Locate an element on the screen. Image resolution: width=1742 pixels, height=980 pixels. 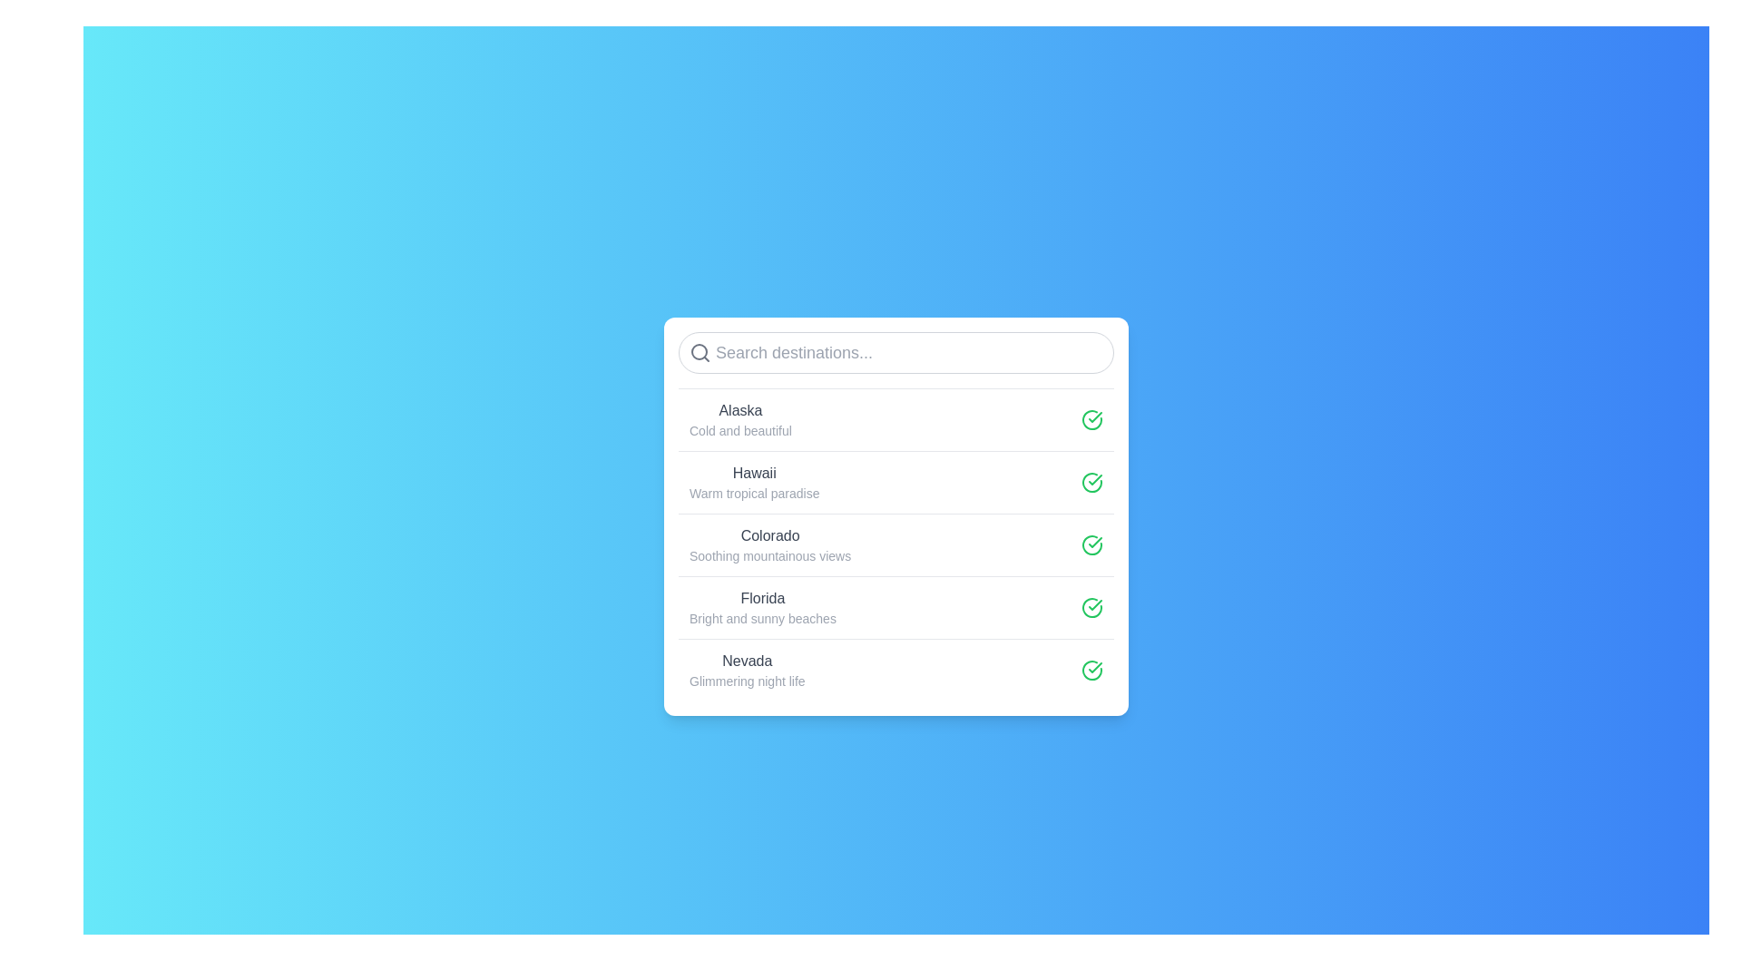
the static informational text element showcasing the destination 'Florida' with the descriptor 'Bright and sunny beaches', which is the fourth list item in the vertically stacked list is located at coordinates (762, 607).